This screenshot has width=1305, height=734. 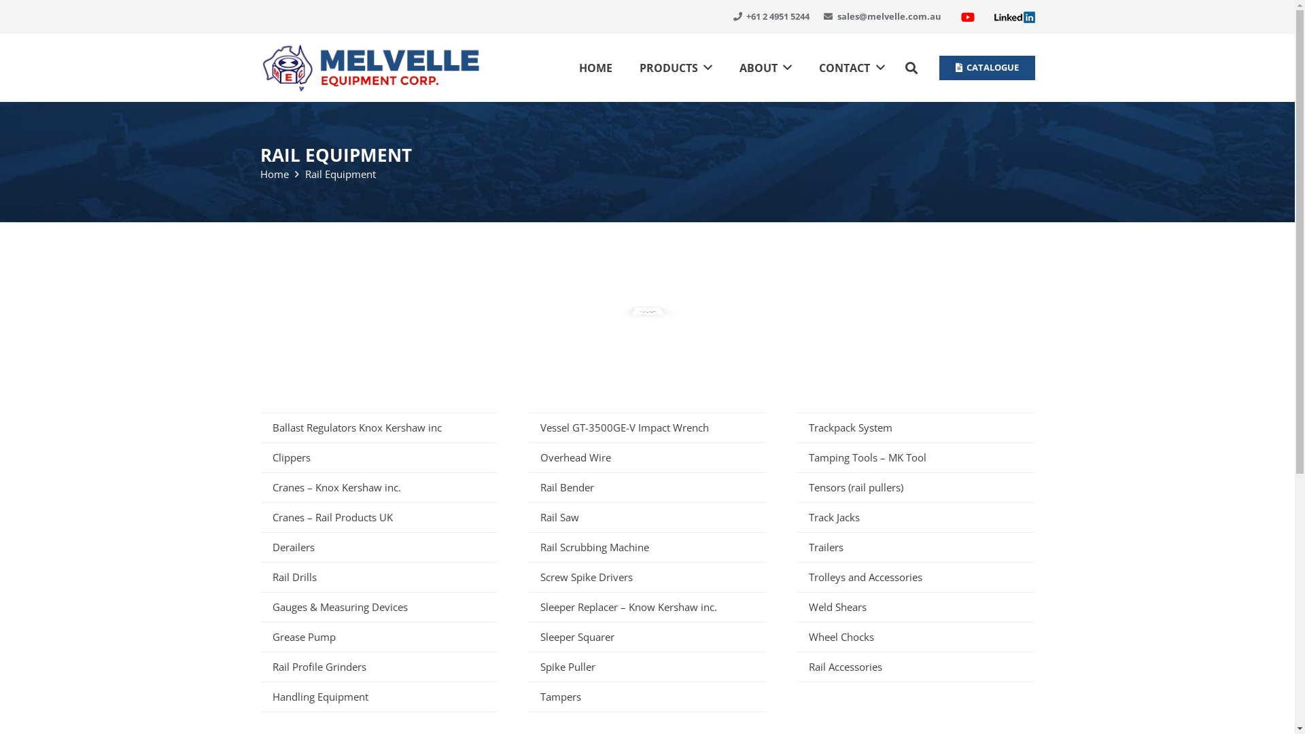 What do you see at coordinates (916, 665) in the screenshot?
I see `'Rail Accessories'` at bounding box center [916, 665].